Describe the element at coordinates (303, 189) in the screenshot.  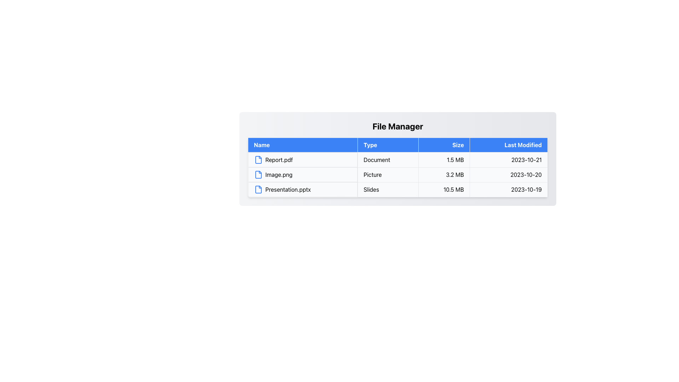
I see `the text label displaying the file name 'Presentation.pptx' with the blue file icon, located in the leftmost cell of the third row in the table` at that location.